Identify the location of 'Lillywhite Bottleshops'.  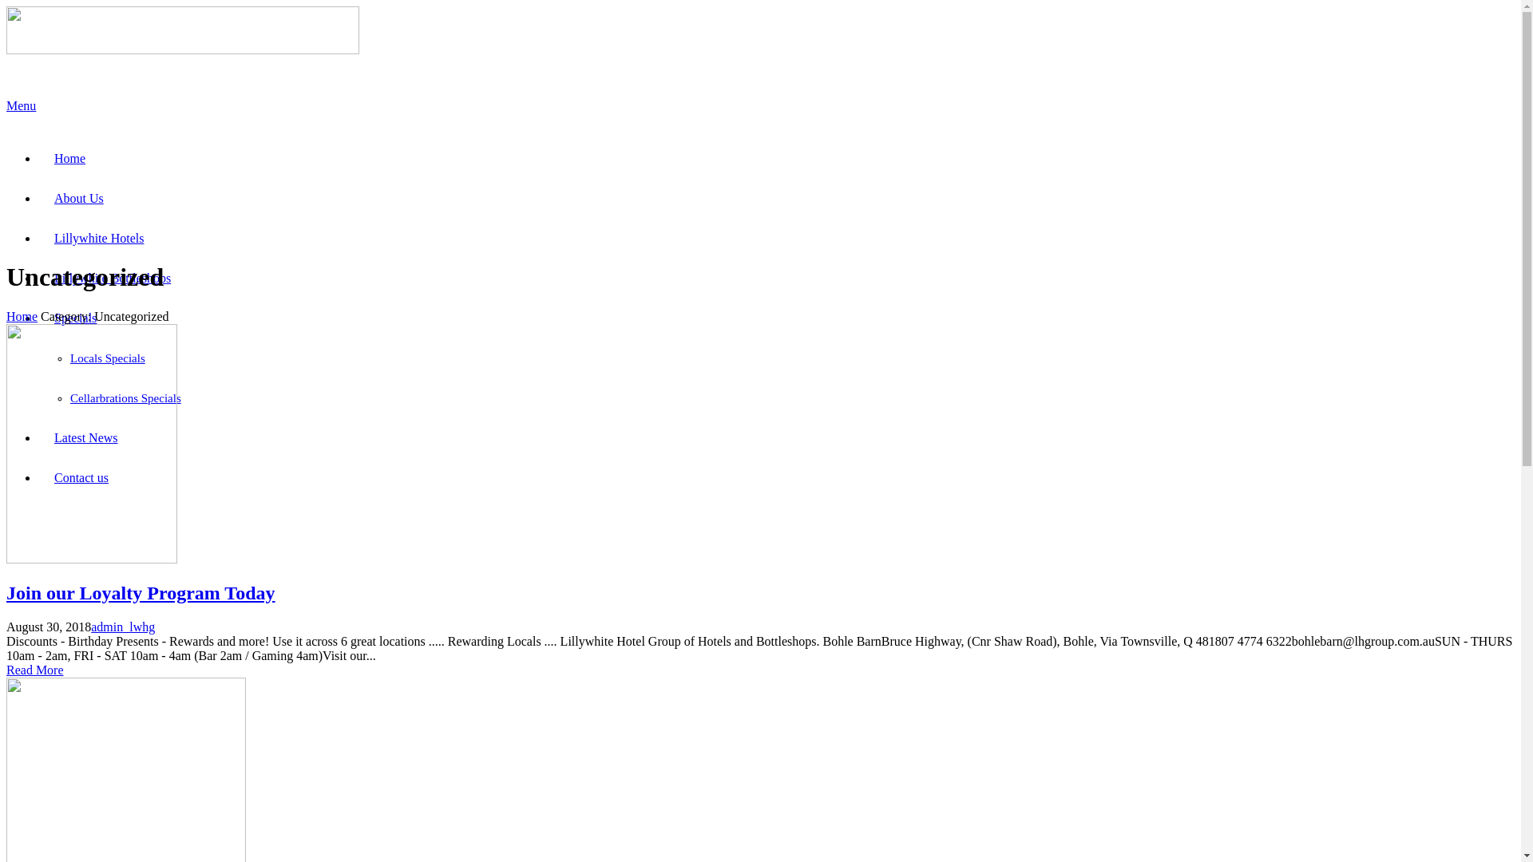
(38, 277).